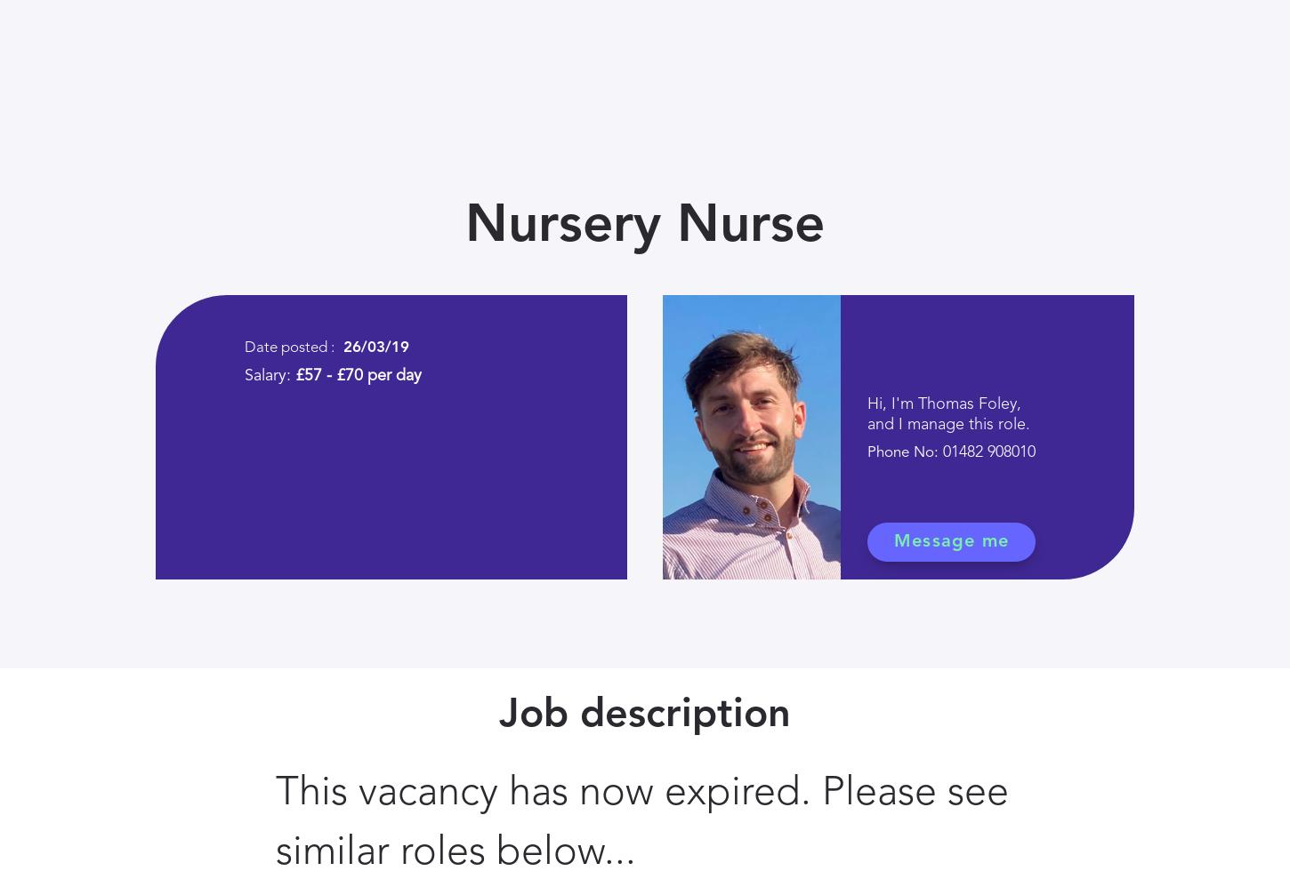  I want to click on 'Jump to main content', so click(27, 27).